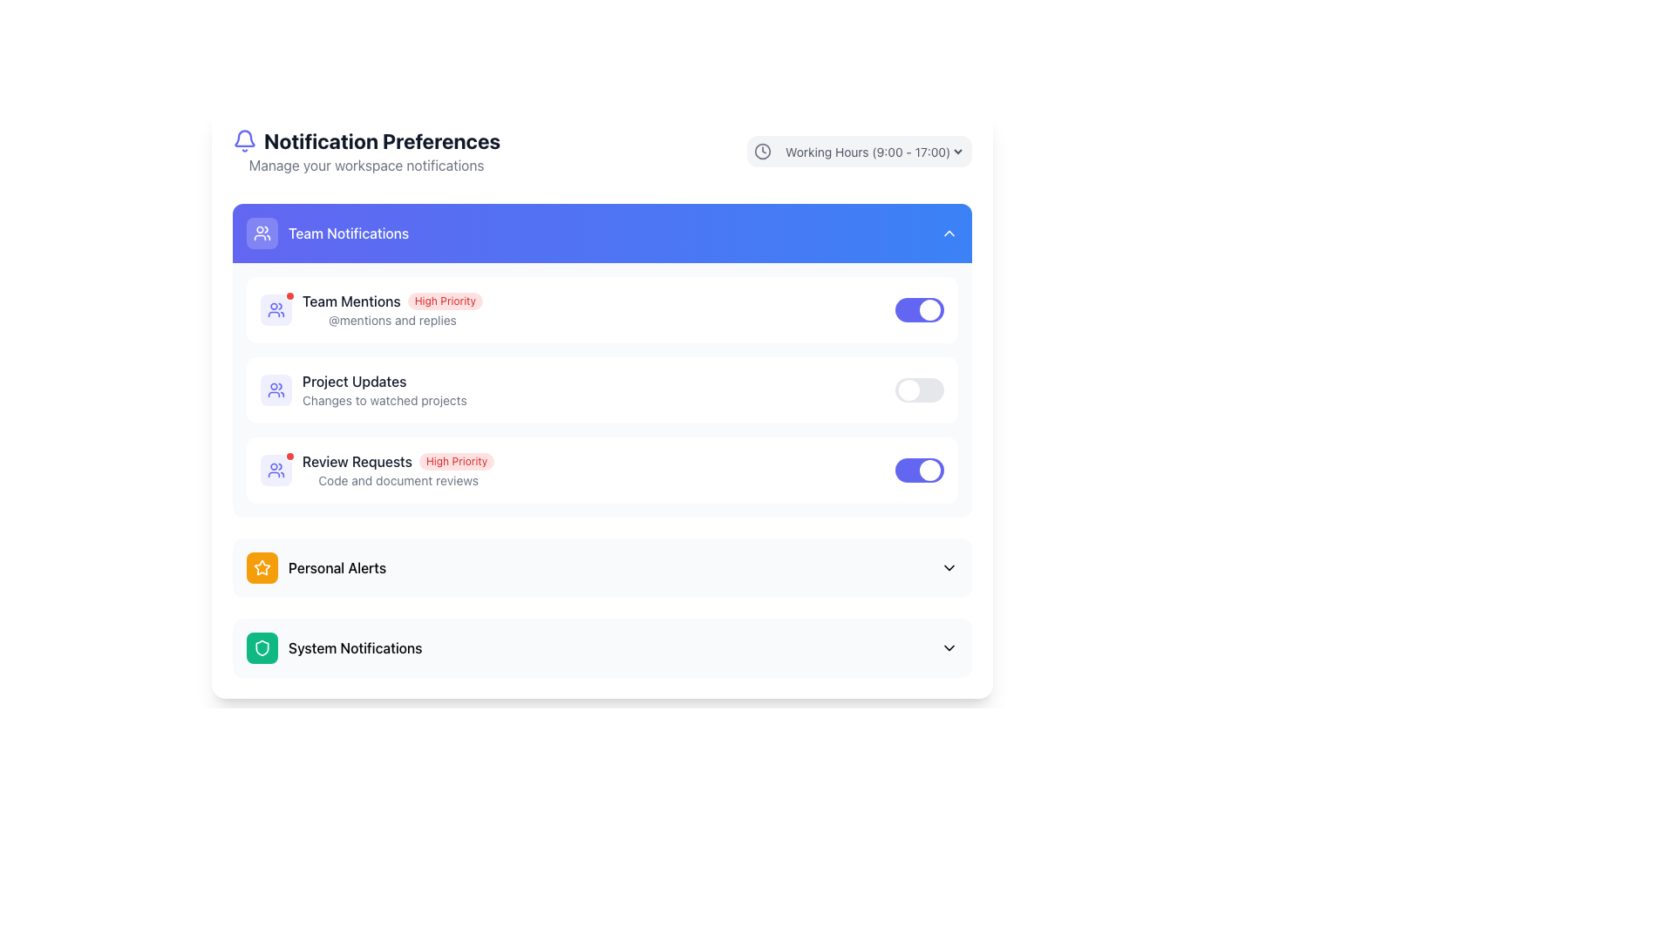 The width and height of the screenshot is (1674, 941). I want to click on the shield icon inside the green rounded rectangle button, which is located to the left of the 'System Notifications' label, so click(262, 648).